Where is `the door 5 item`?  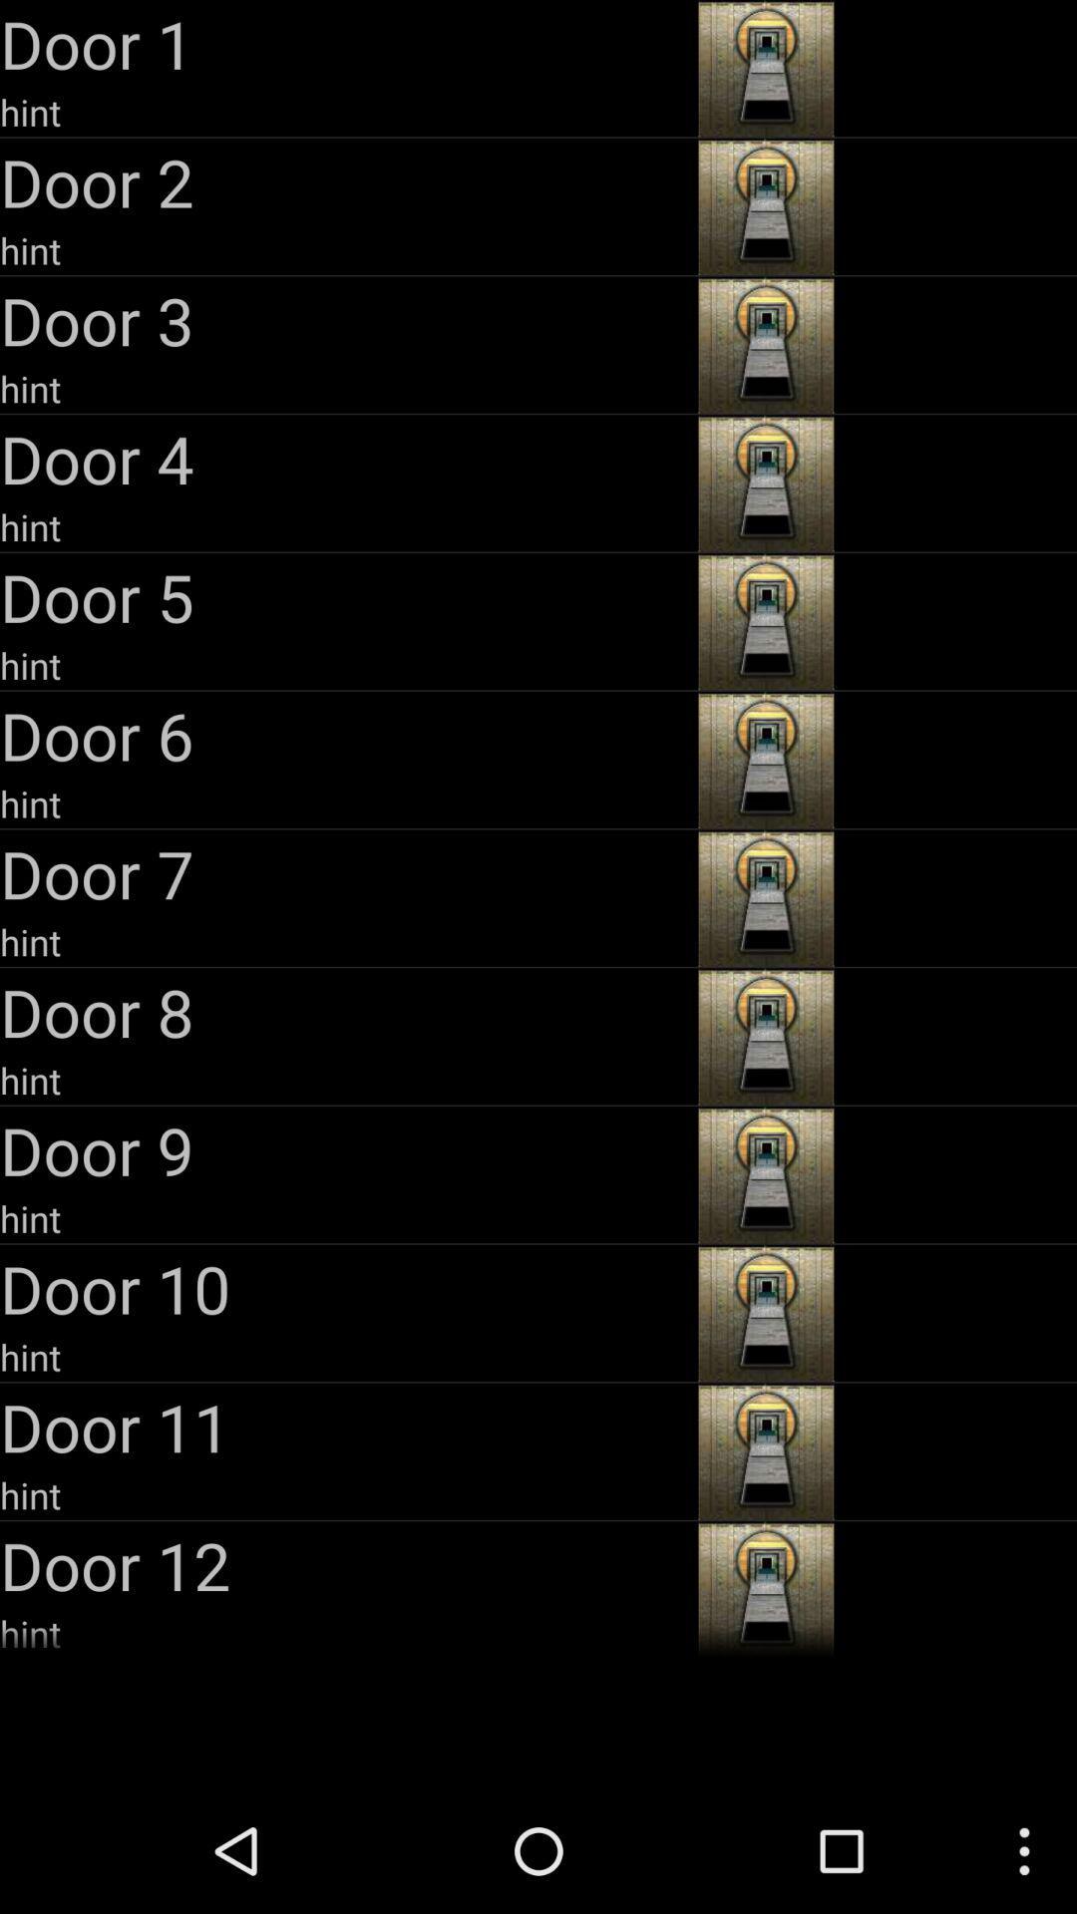
the door 5 item is located at coordinates (345, 595).